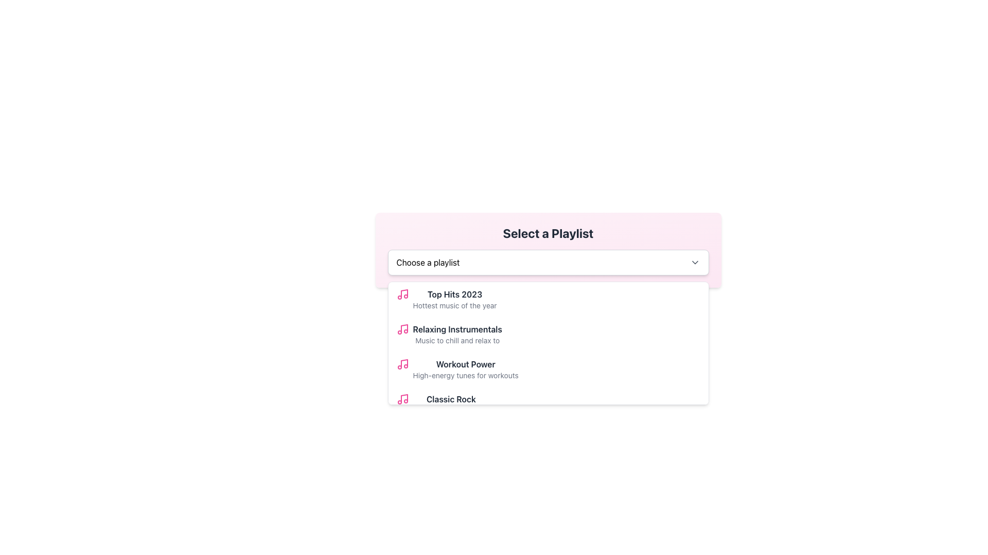 The height and width of the screenshot is (555, 988). What do you see at coordinates (451, 403) in the screenshot?
I see `the list item labeled 'Classic Rock'` at bounding box center [451, 403].